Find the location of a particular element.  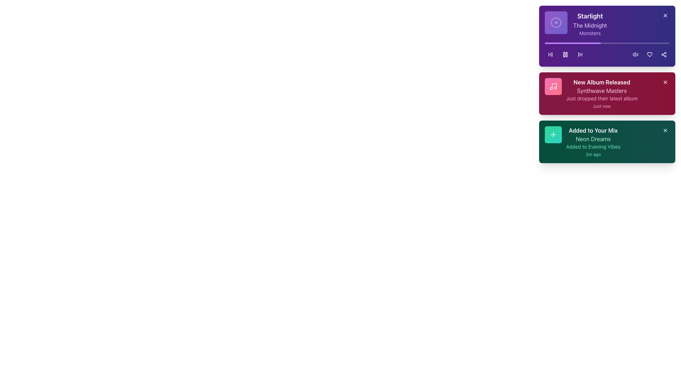

the Close button icon located at the top-right corner of the 'Starlight - The Midnight' notification card is located at coordinates (665, 15).